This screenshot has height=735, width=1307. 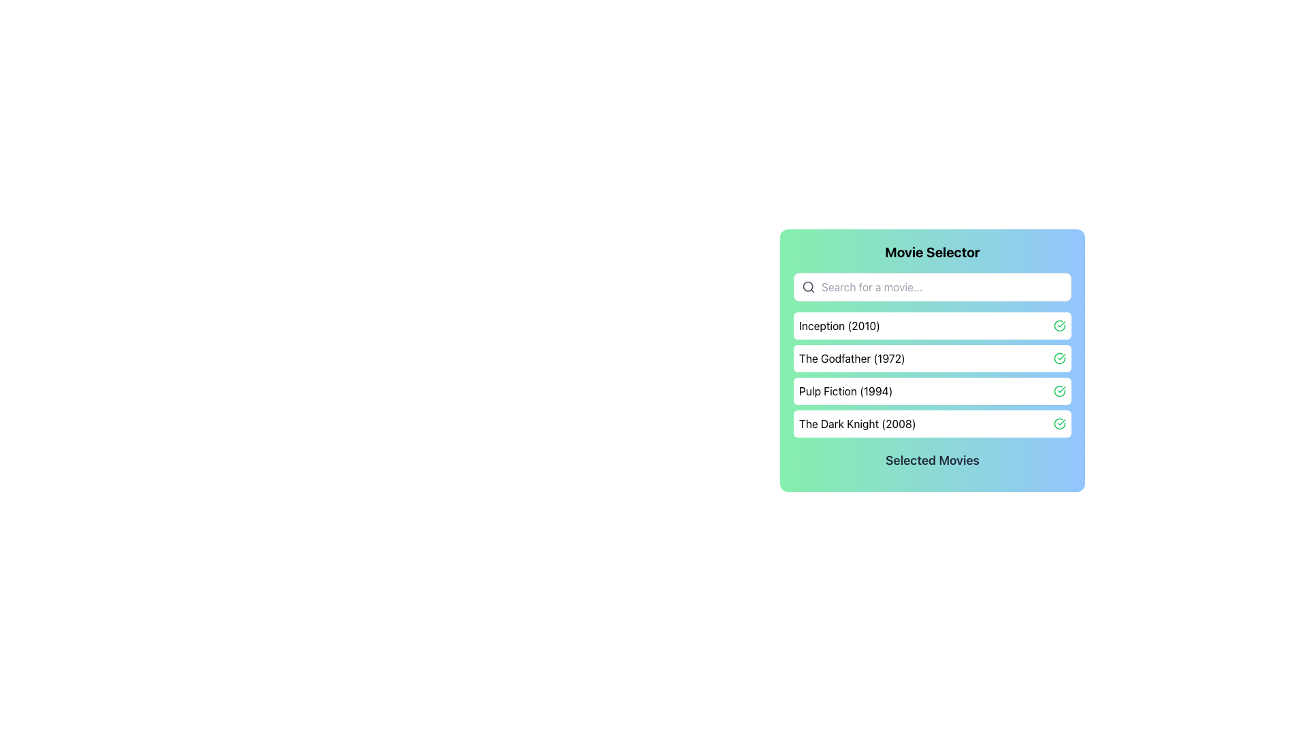 I want to click on the green circular icon with a checkmark next to 'The Godfather (1972)' in the movie list, so click(x=1059, y=325).